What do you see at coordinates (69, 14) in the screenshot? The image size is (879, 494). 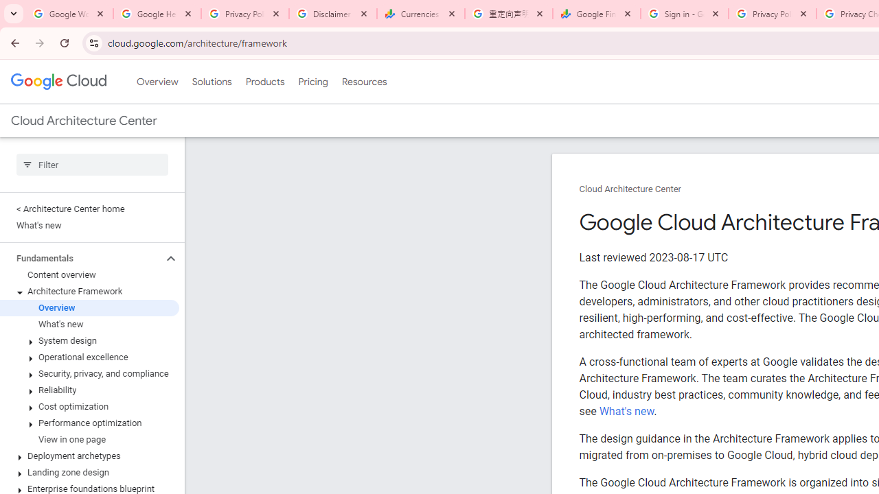 I see `'Google Workspace Admin Community'` at bounding box center [69, 14].